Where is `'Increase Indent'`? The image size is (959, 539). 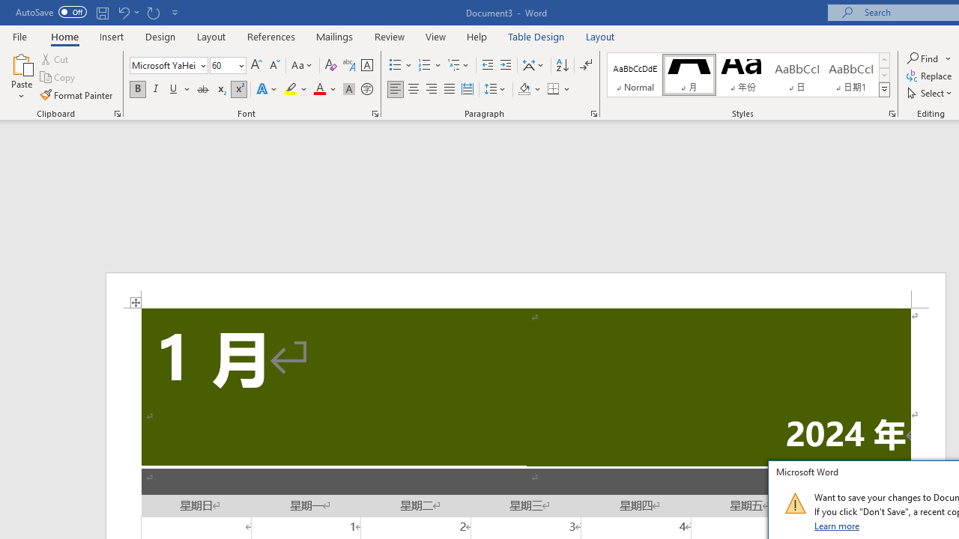
'Increase Indent' is located at coordinates (506, 64).